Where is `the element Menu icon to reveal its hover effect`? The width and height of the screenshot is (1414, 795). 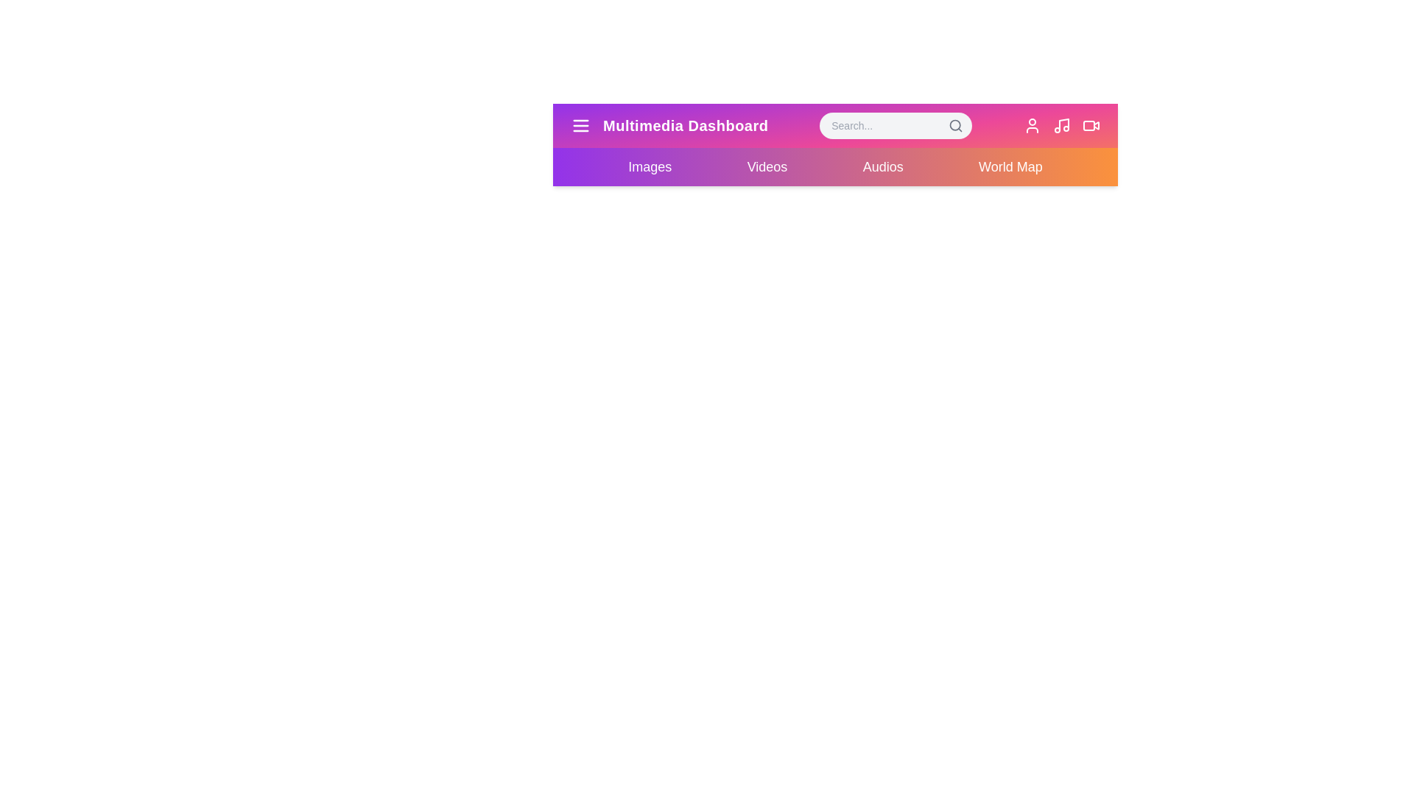 the element Menu icon to reveal its hover effect is located at coordinates (580, 124).